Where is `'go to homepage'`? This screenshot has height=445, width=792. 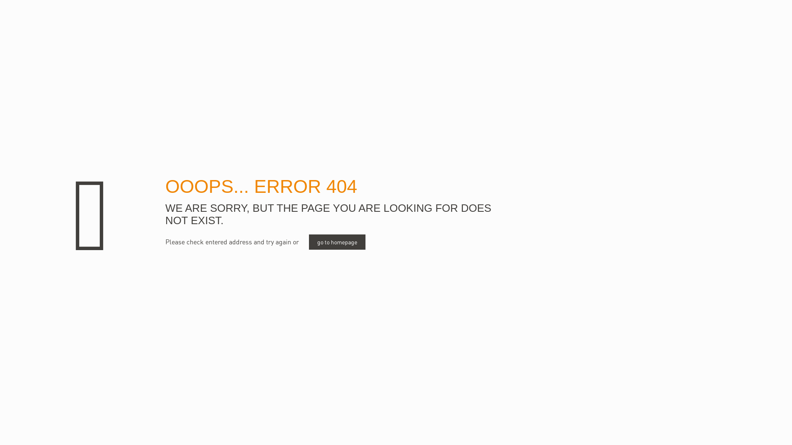
'go to homepage' is located at coordinates (337, 241).